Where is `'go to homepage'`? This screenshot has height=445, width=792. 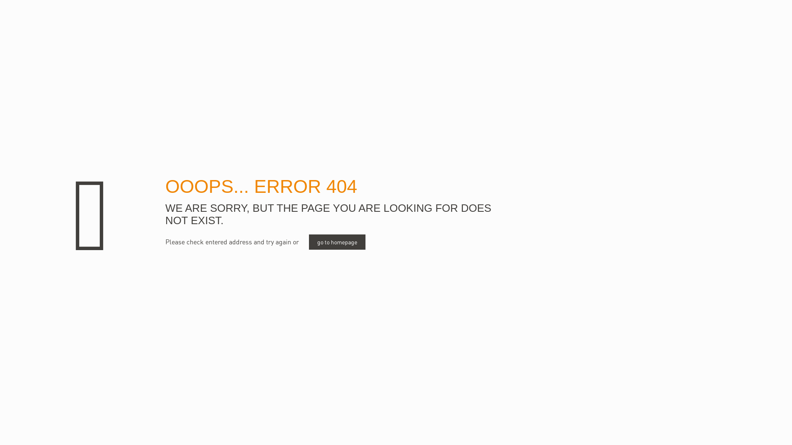
'go to homepage' is located at coordinates (337, 241).